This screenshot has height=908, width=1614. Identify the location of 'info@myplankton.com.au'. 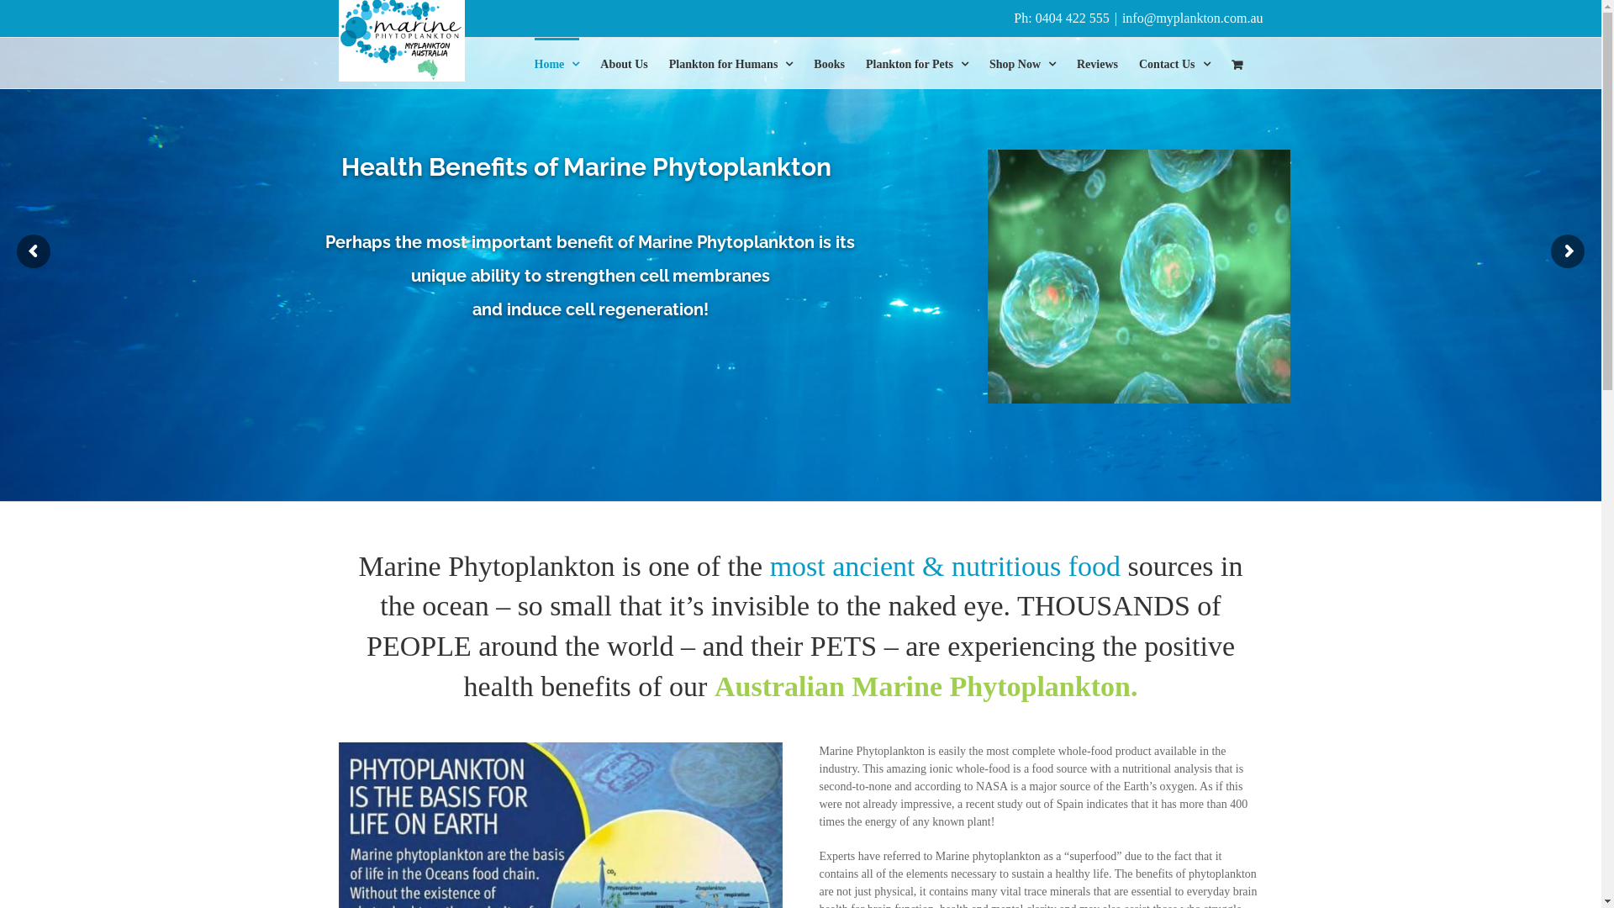
(1192, 18).